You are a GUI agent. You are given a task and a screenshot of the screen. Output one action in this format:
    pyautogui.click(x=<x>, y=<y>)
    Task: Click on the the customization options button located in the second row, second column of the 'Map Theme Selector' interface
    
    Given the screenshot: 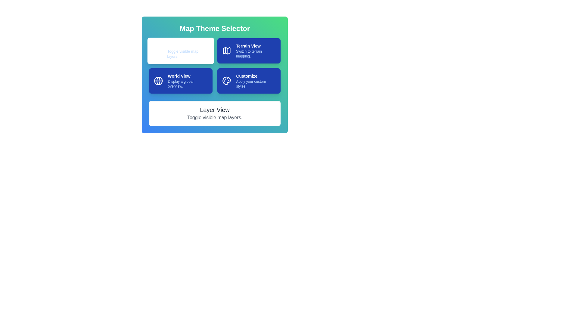 What is the action you would take?
    pyautogui.click(x=249, y=81)
    